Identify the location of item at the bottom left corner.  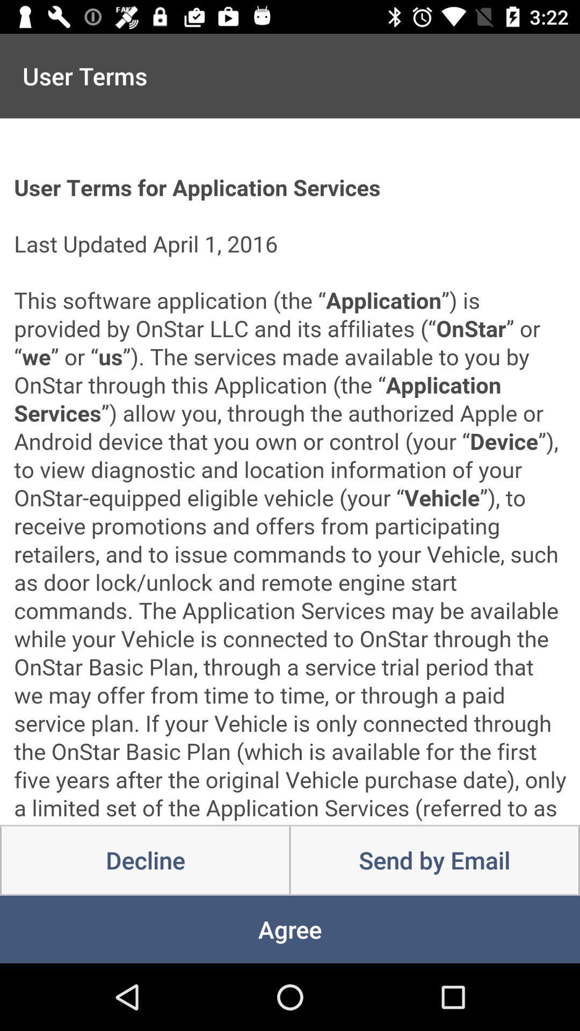
(145, 860).